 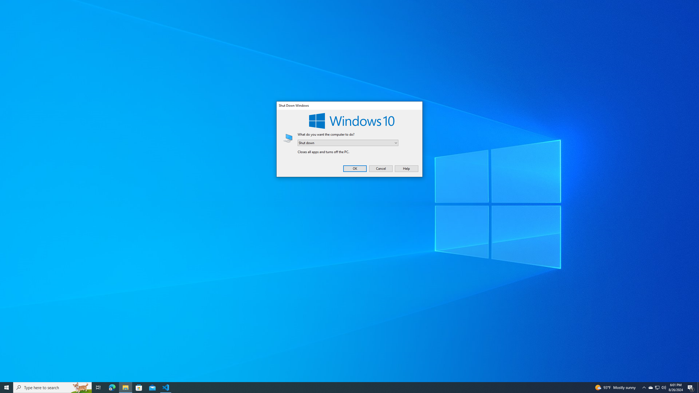 I want to click on 'Action Center, 1 new notification', so click(x=663, y=387).